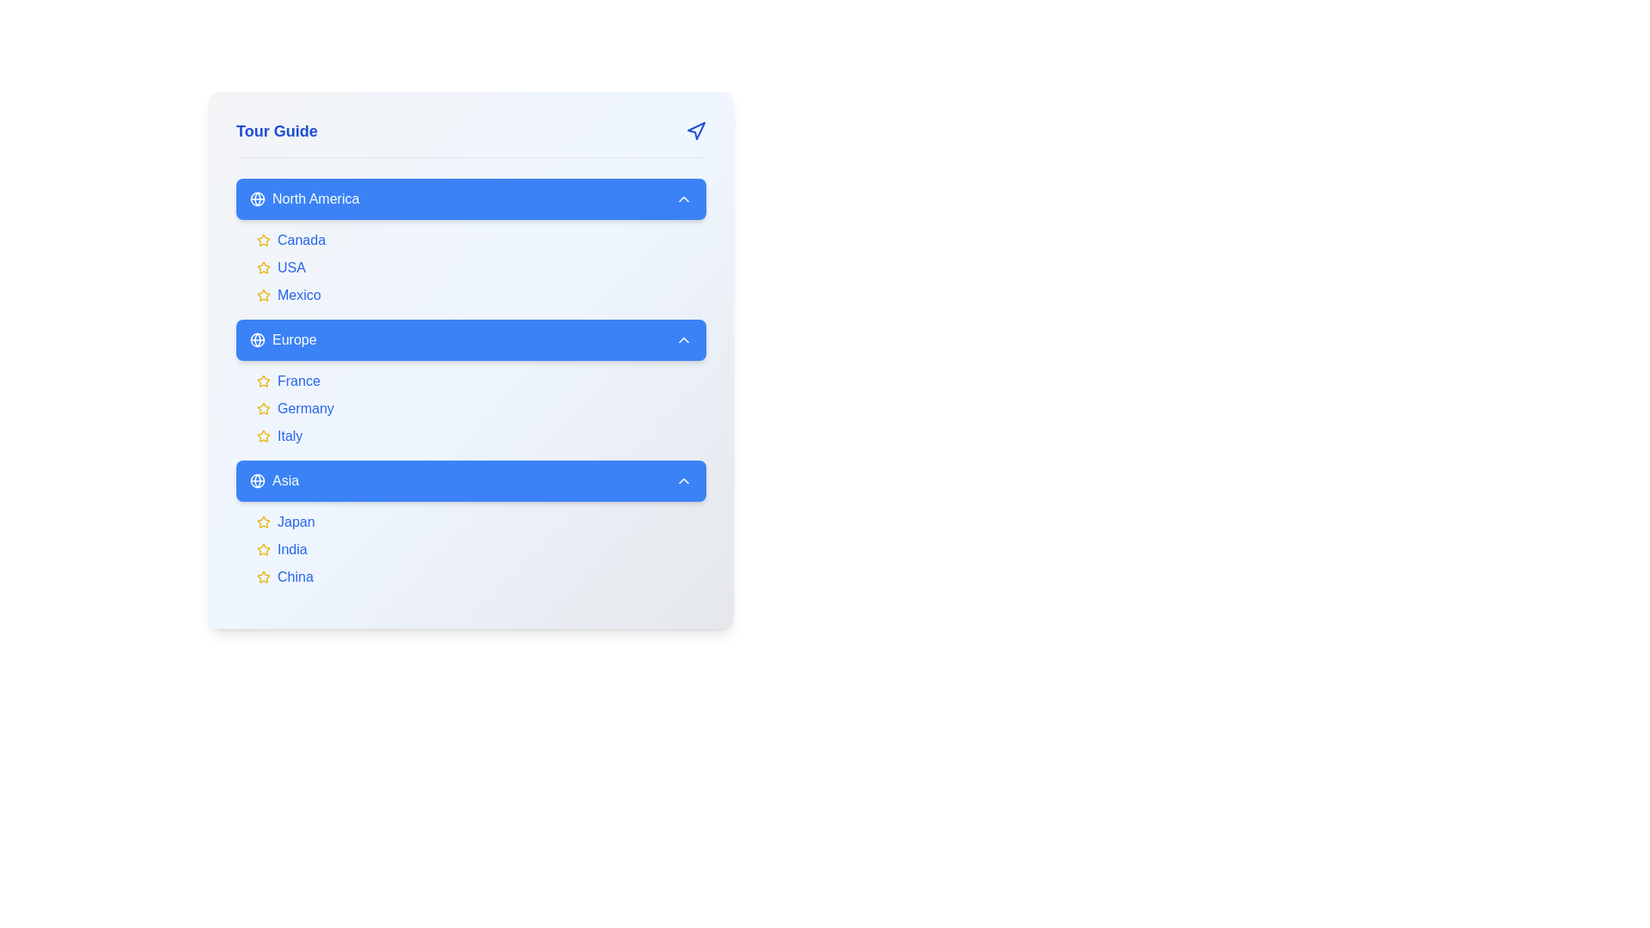  I want to click on the collapsible toggle button for 'Europe', so click(471, 340).